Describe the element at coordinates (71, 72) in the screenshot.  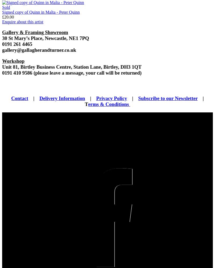
I see `'0191 410 9586 (please leave a message, your call will be returned)'` at that location.